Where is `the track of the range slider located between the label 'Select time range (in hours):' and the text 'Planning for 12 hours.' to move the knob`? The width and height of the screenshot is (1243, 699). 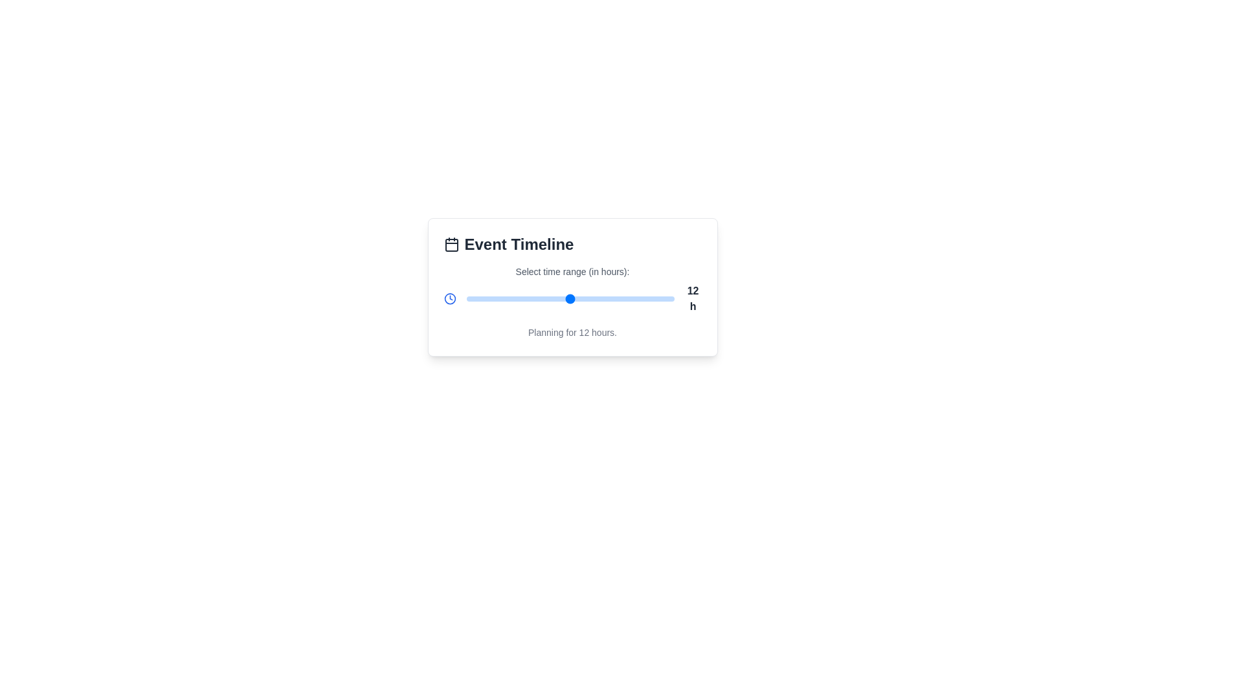 the track of the range slider located between the label 'Select time range (in hours):' and the text 'Planning for 12 hours.' to move the knob is located at coordinates (572, 299).